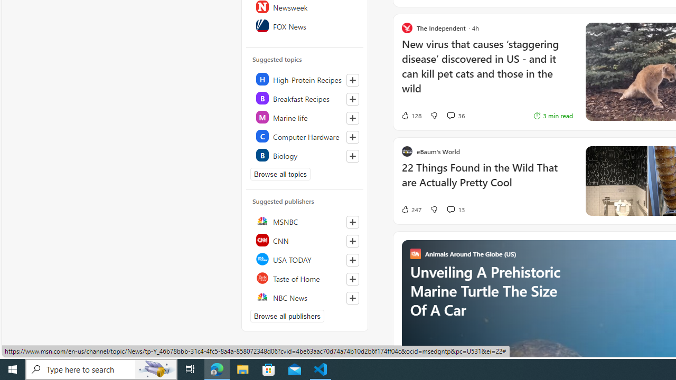  I want to click on 'MSNBC', so click(305, 221).